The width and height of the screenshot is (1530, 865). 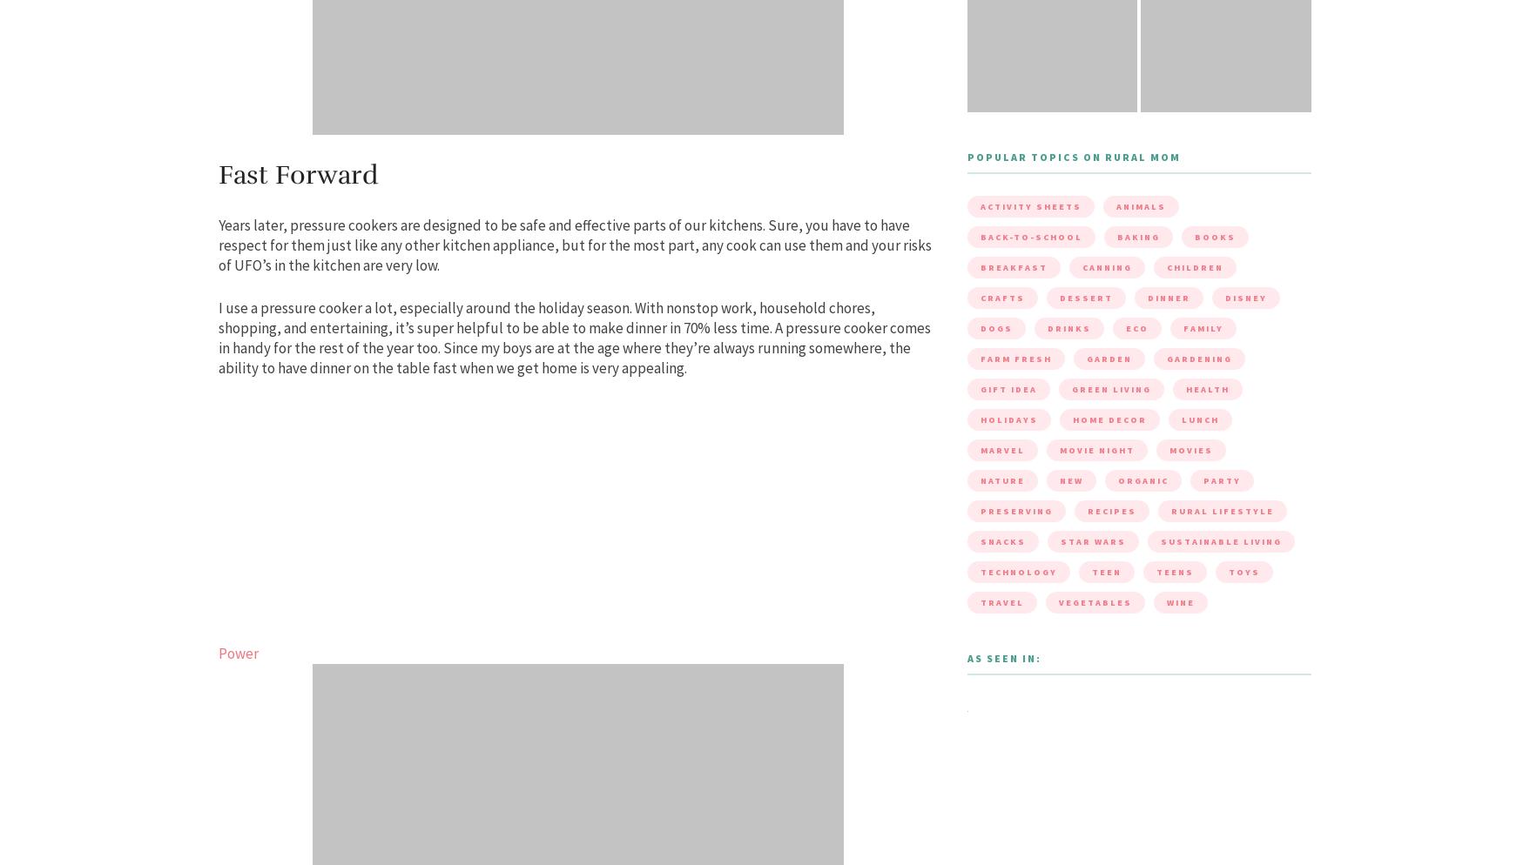 I want to click on 'Technology', so click(x=980, y=572).